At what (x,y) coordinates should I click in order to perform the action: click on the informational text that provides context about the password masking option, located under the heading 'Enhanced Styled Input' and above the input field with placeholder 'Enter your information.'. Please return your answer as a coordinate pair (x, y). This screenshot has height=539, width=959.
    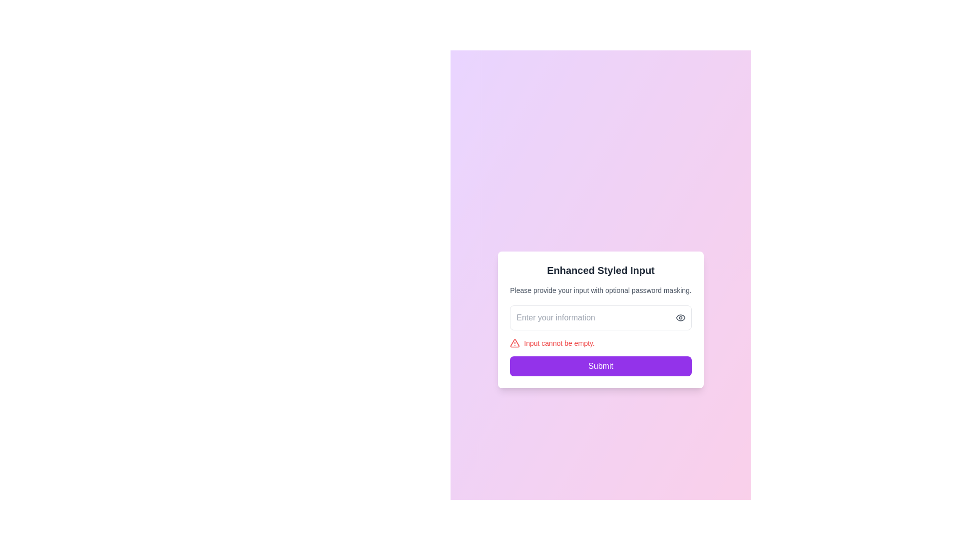
    Looking at the image, I should click on (600, 290).